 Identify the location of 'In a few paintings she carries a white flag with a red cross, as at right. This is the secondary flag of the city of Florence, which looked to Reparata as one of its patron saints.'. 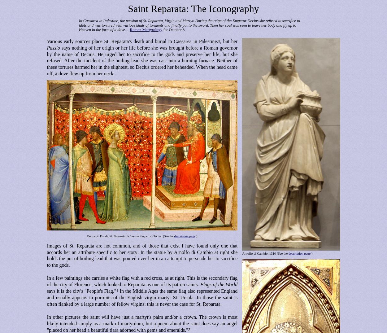
(47, 280).